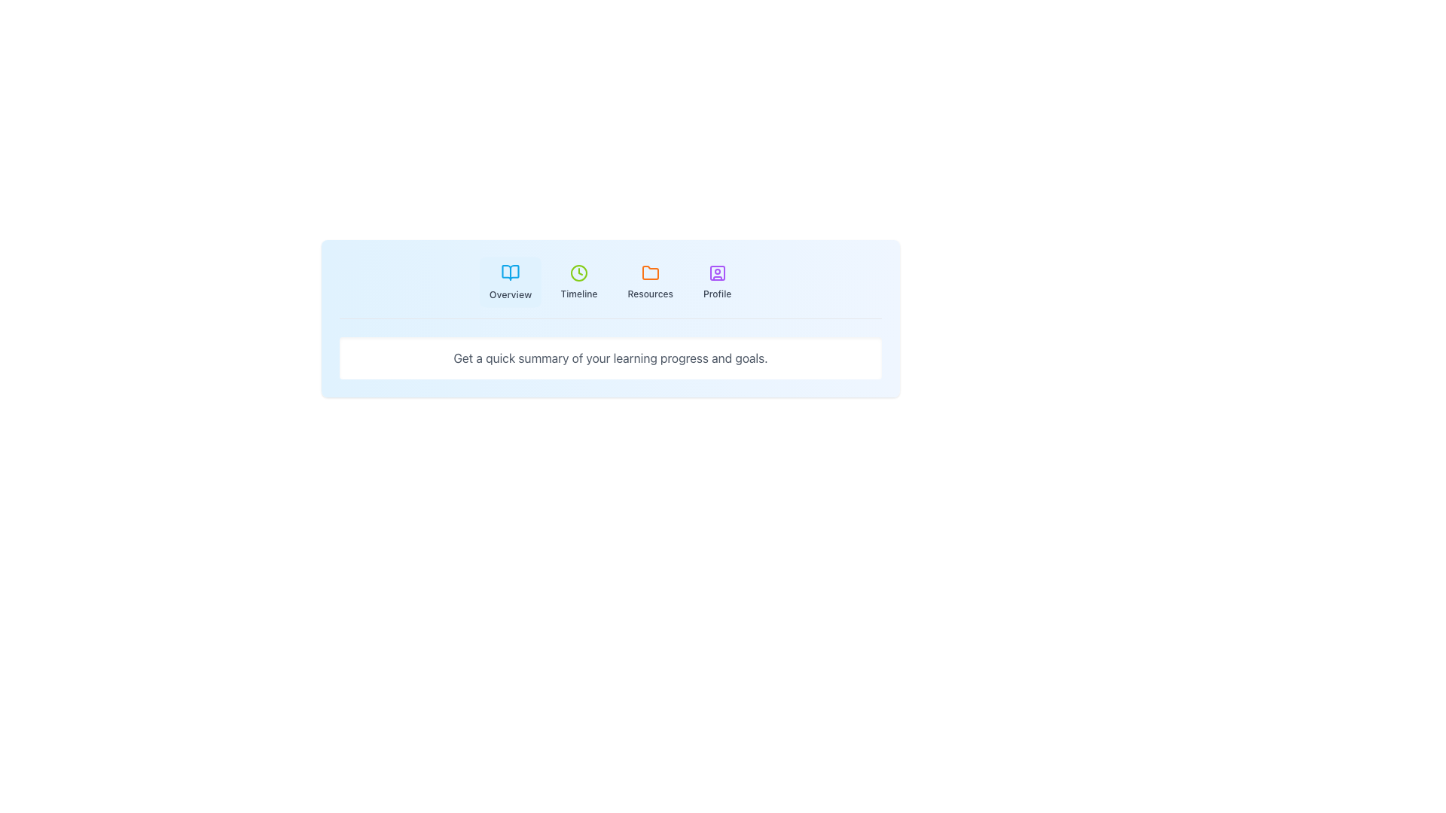 The height and width of the screenshot is (813, 1446). What do you see at coordinates (578, 273) in the screenshot?
I see `SVG Circle element that serves as the outer decorative circle of the clock icon located in the top navigation area of the interface, specifically within the 'Timeline' section` at bounding box center [578, 273].